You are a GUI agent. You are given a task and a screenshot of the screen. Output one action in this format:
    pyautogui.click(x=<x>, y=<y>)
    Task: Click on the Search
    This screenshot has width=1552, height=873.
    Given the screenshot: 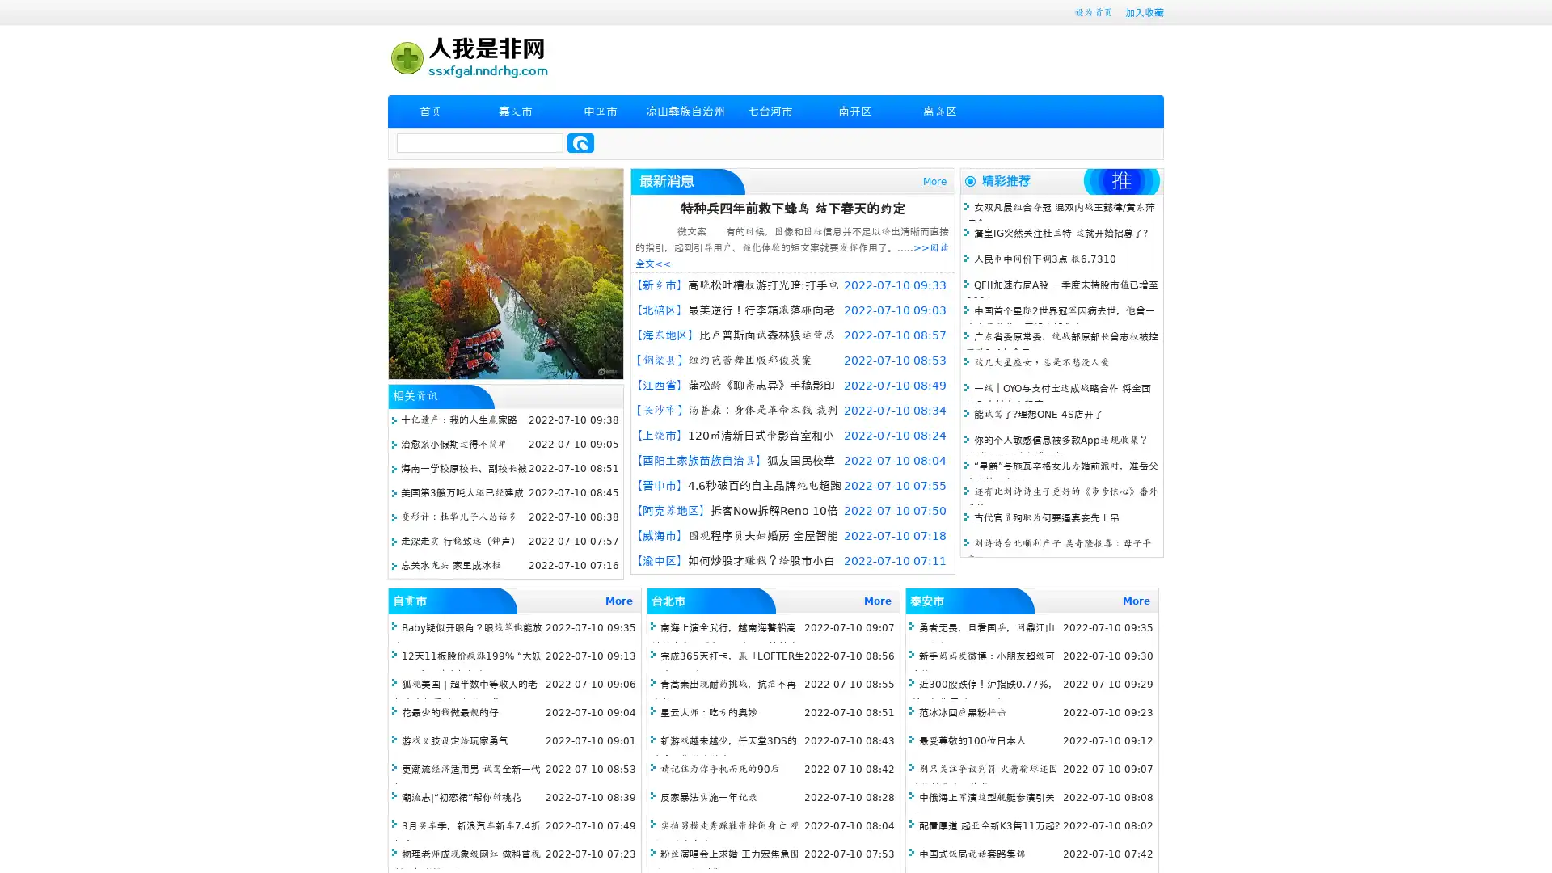 What is the action you would take?
    pyautogui.click(x=580, y=142)
    